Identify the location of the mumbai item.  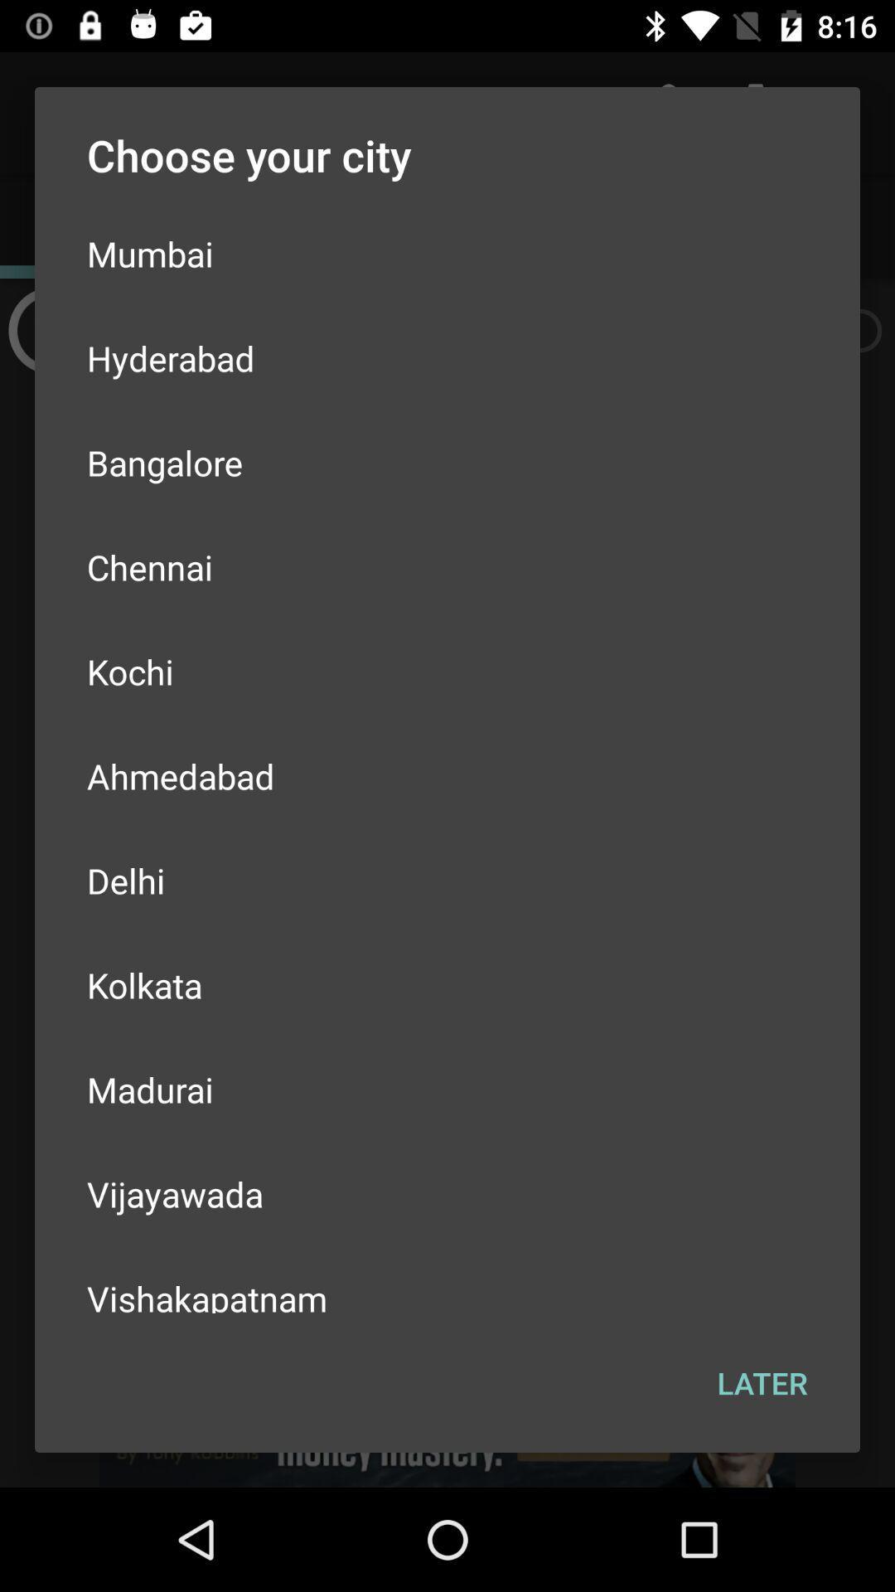
(447, 253).